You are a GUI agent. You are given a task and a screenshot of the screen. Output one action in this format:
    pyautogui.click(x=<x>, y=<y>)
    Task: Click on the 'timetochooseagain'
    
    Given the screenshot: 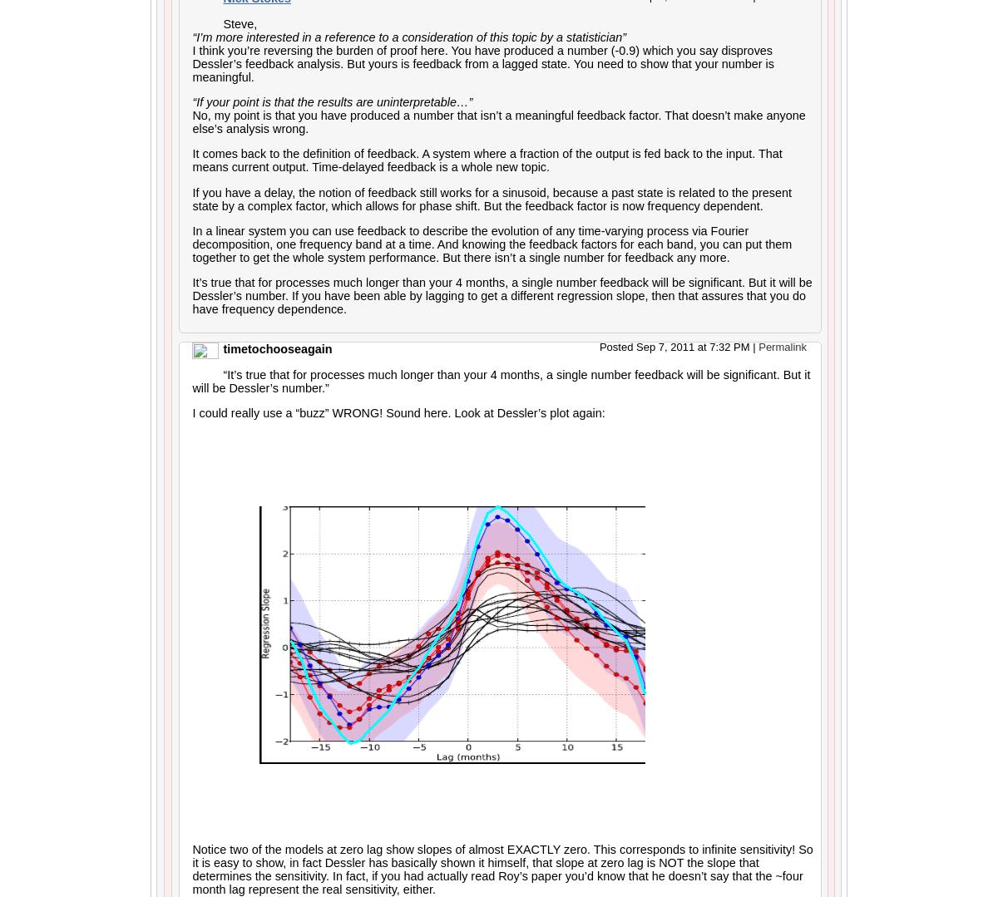 What is the action you would take?
    pyautogui.click(x=276, y=347)
    